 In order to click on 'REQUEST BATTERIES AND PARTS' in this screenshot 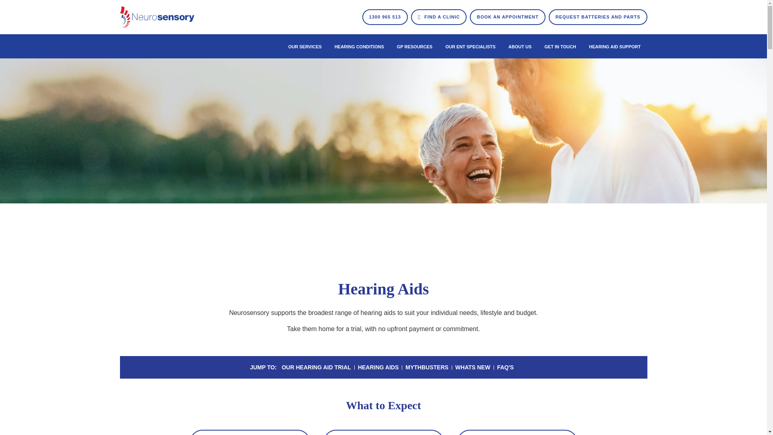, I will do `click(598, 17)`.